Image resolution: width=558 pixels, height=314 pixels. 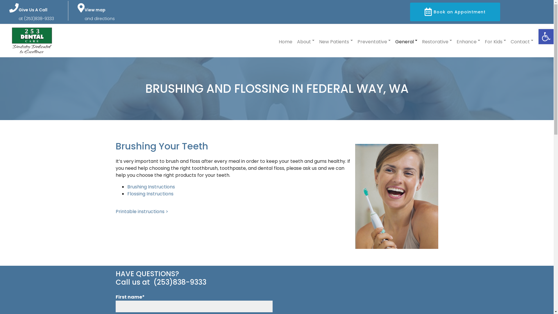 I want to click on 'For Kids', so click(x=495, y=40).